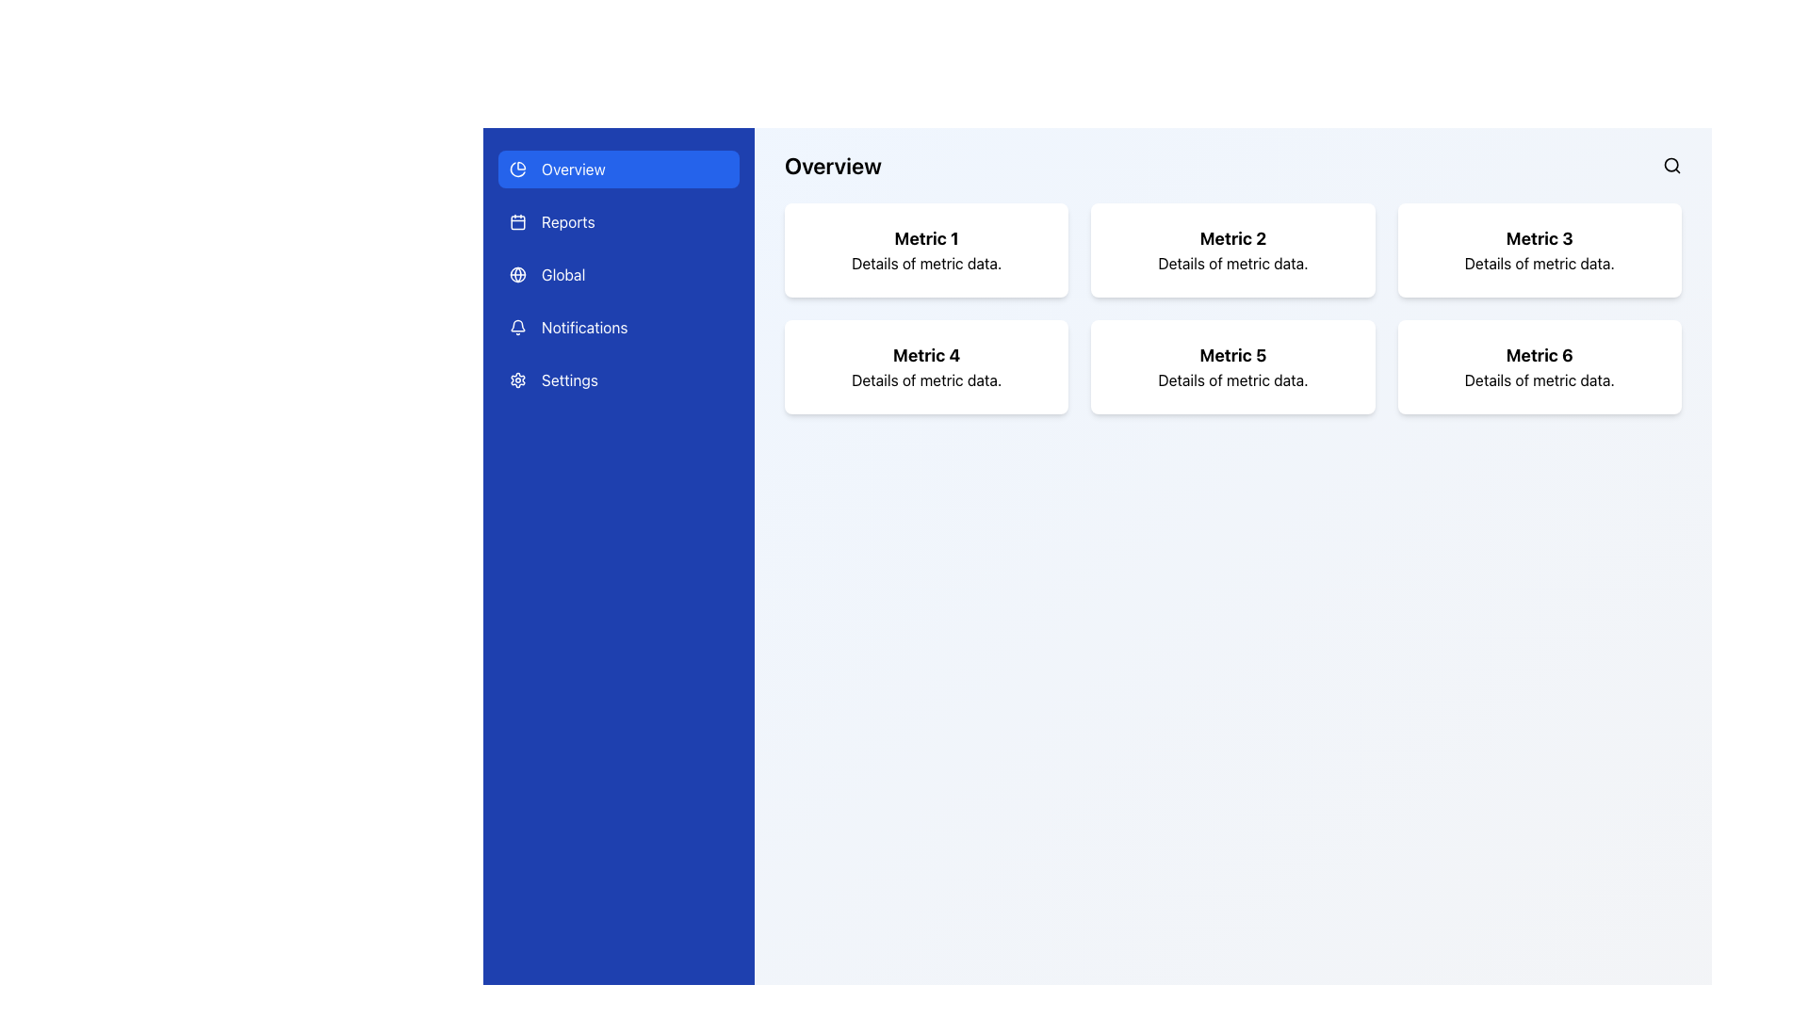 This screenshot has height=1017, width=1809. What do you see at coordinates (1672, 165) in the screenshot?
I see `the magnifying glass icon button, which is outlined and located near the top-right corner of the interface, to initiate a search action` at bounding box center [1672, 165].